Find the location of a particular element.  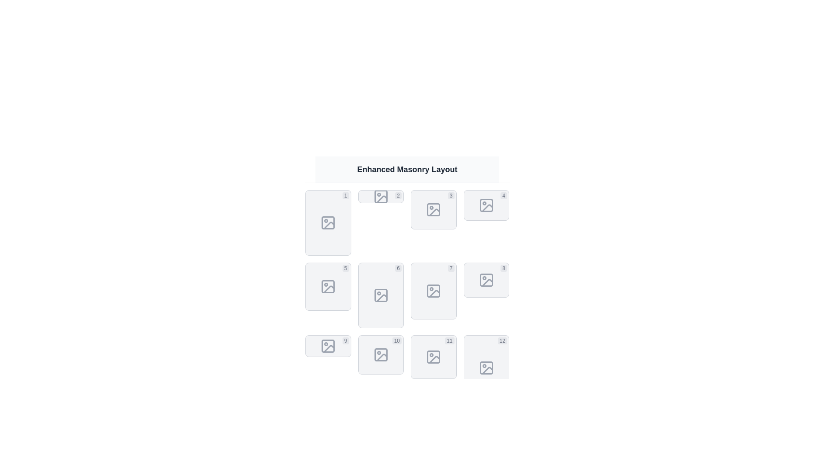

the badge located at the top-right corner of the 10th card in the grid layout, which displays a count or identifier is located at coordinates (396, 340).